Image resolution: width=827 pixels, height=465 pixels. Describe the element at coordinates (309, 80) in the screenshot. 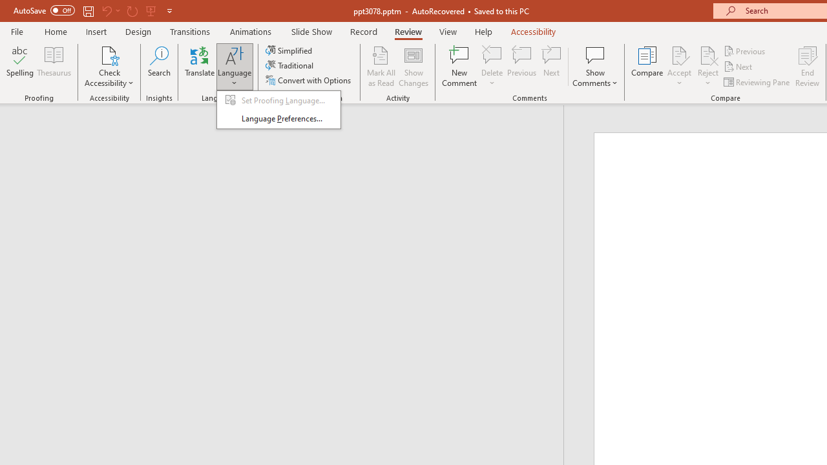

I see `'Convert with Options...'` at that location.